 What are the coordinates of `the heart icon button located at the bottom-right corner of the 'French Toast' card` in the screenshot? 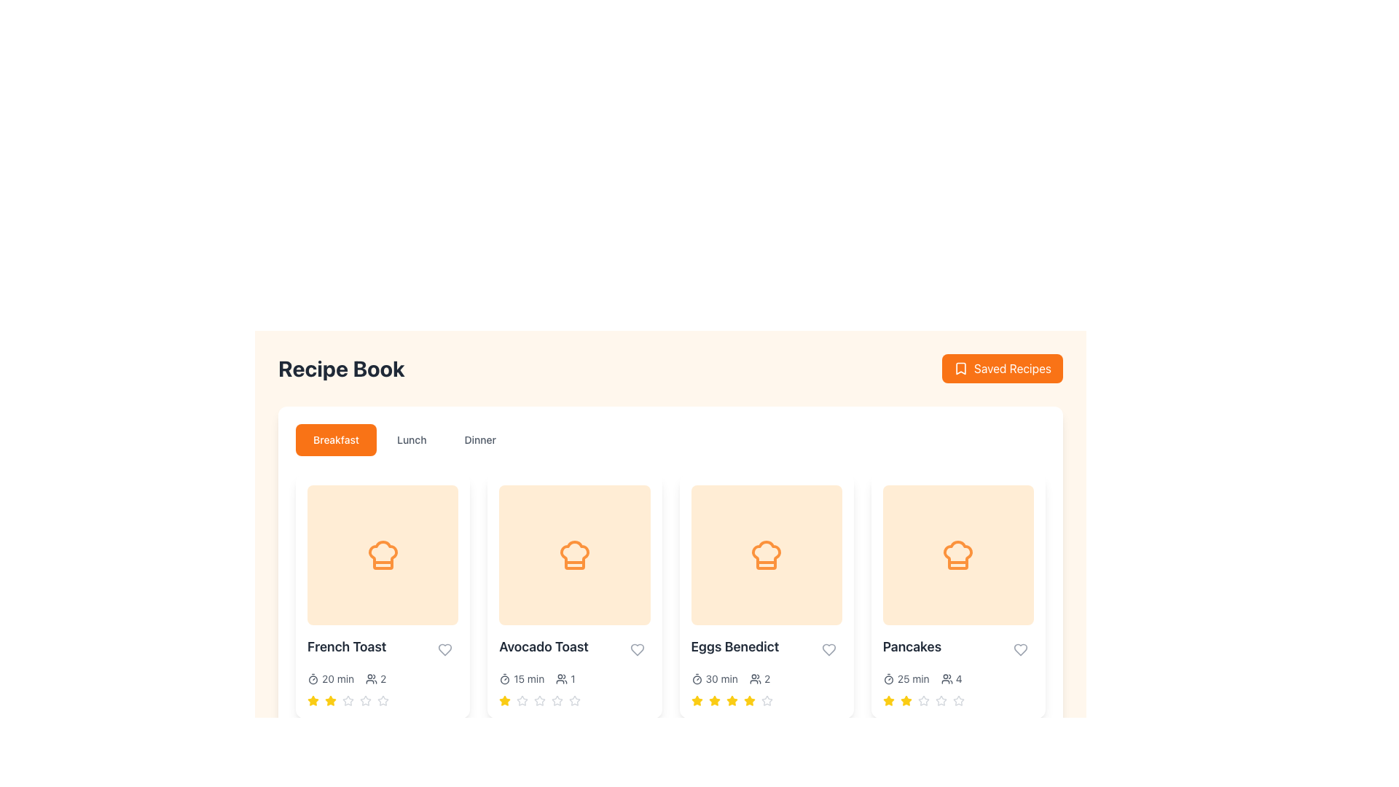 It's located at (444, 649).